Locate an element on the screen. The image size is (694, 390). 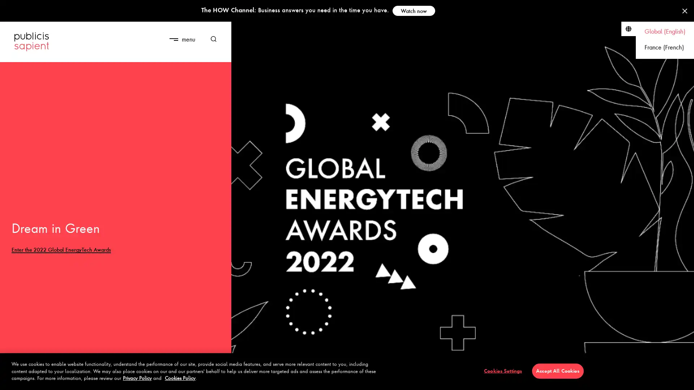
close is located at coordinates (202, 33).